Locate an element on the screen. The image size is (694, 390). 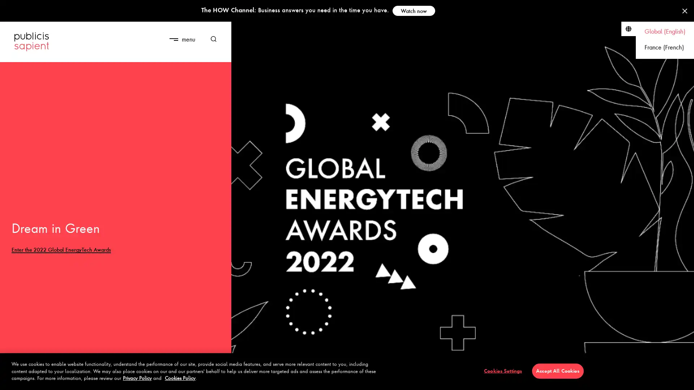
close is located at coordinates (202, 33).